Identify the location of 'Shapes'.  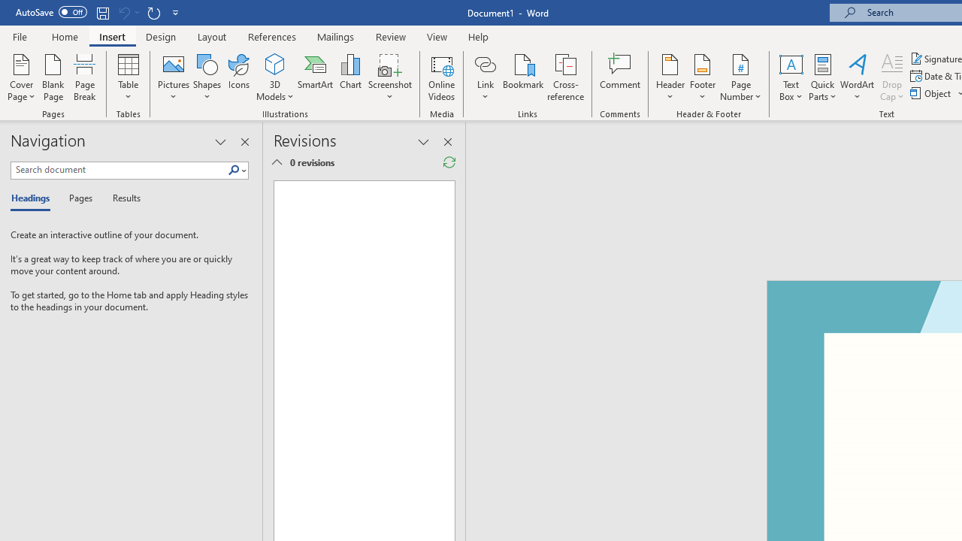
(206, 77).